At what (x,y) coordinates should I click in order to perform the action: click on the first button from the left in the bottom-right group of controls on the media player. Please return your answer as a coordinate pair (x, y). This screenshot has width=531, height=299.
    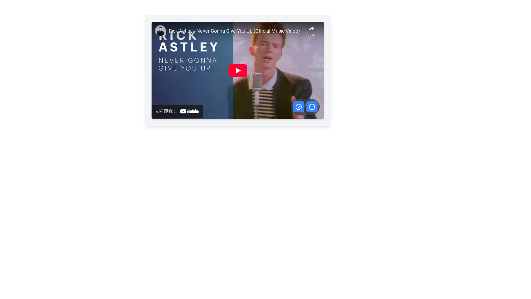
    Looking at the image, I should click on (298, 107).